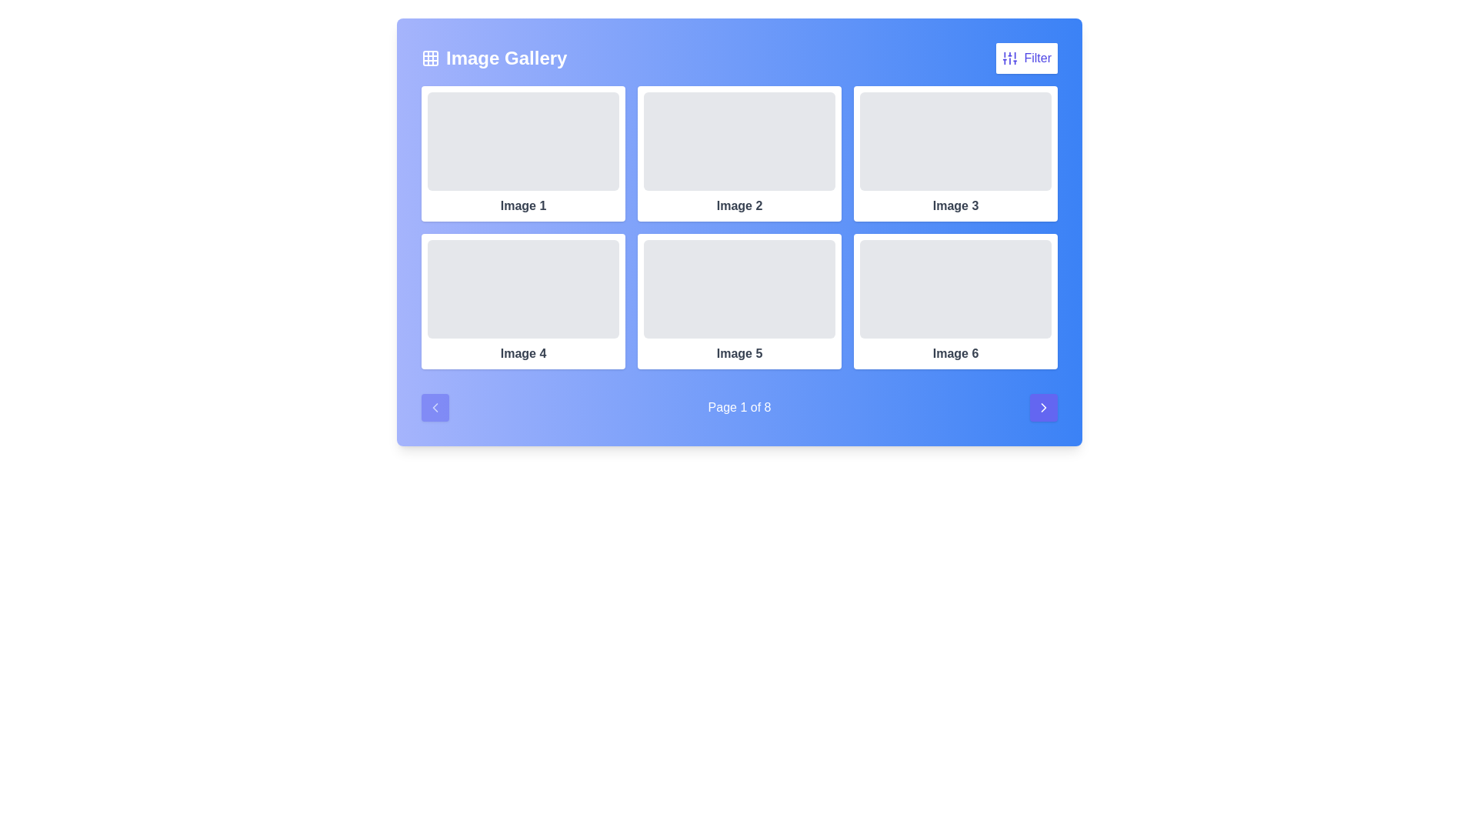 Image resolution: width=1477 pixels, height=831 pixels. What do you see at coordinates (955, 154) in the screenshot?
I see `the Card located in the top-right corner of the grid, which serves as a non-interactive informational placeholder between 'Image 2' and 'Image 6'` at bounding box center [955, 154].